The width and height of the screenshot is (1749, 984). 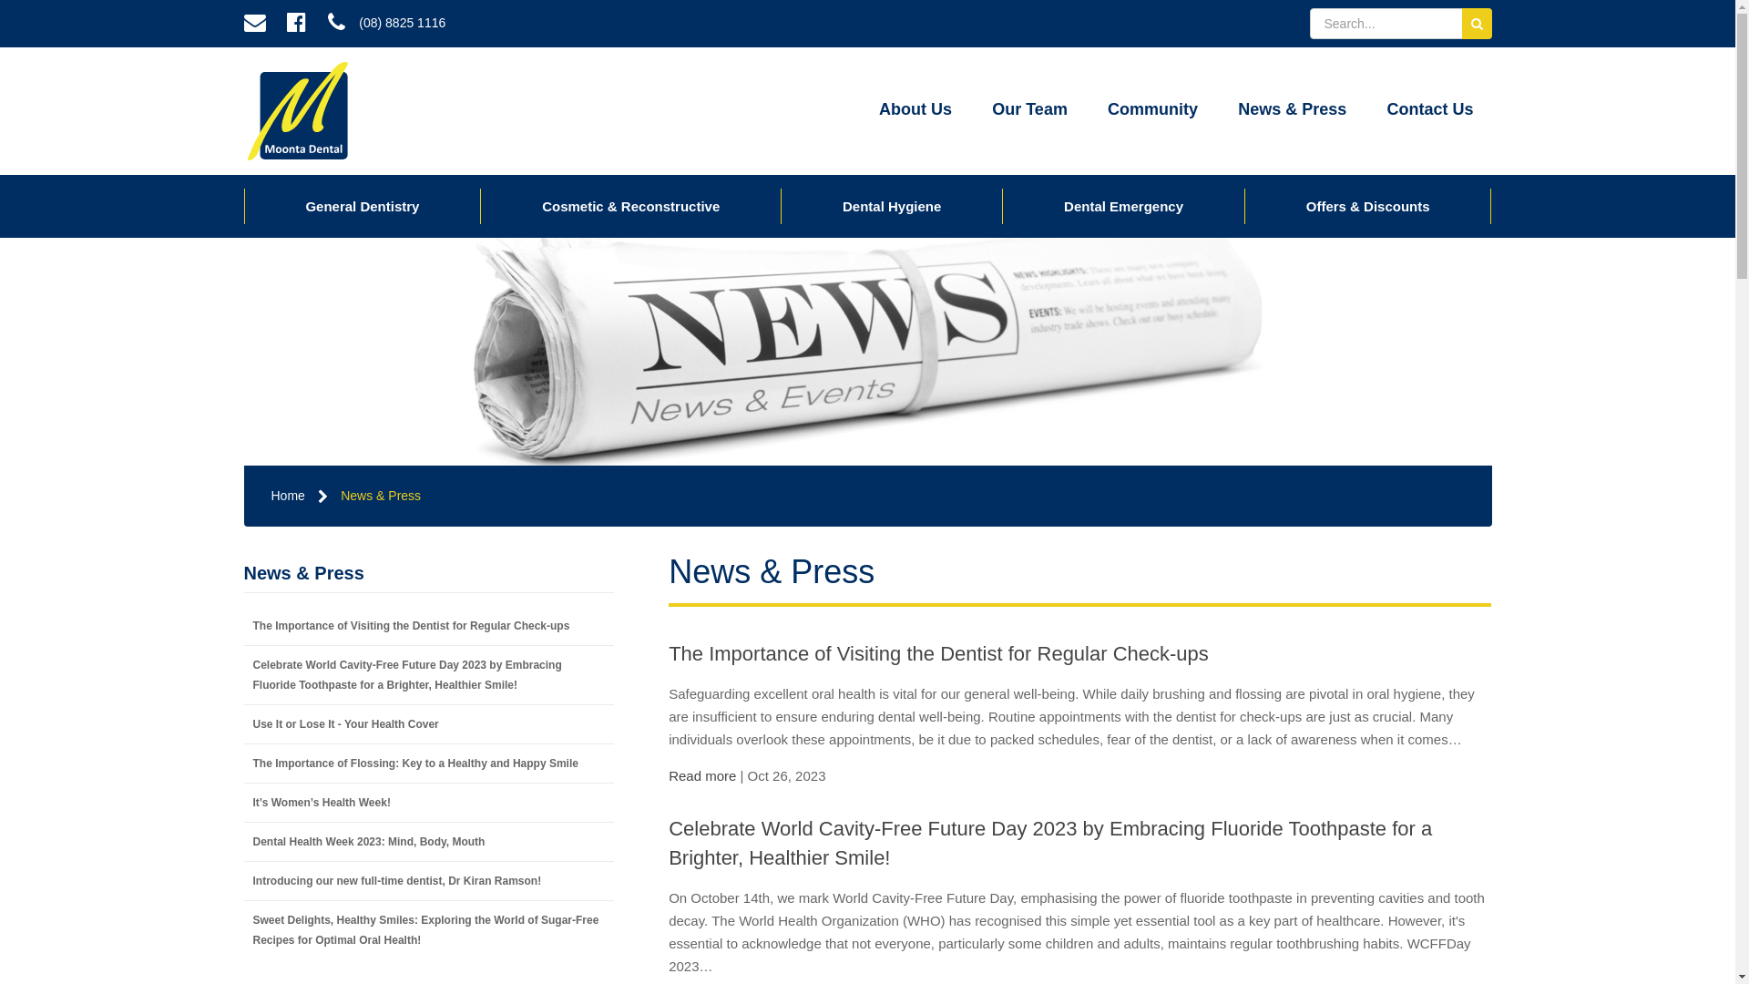 What do you see at coordinates (782, 205) in the screenshot?
I see `'Dental Hygiene'` at bounding box center [782, 205].